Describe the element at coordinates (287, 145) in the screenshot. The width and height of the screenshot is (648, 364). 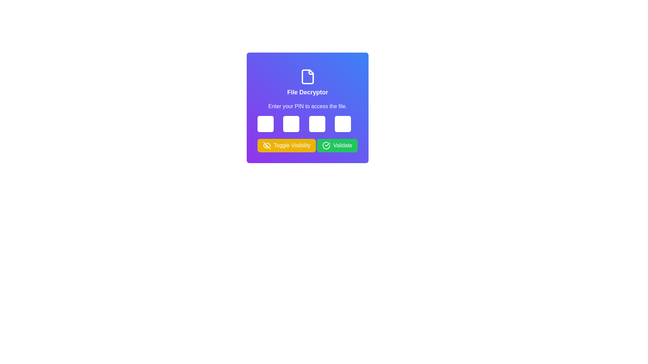
I see `the keyboard navigation on the visibility toggle button located in the 'File Decryptor' panel` at that location.